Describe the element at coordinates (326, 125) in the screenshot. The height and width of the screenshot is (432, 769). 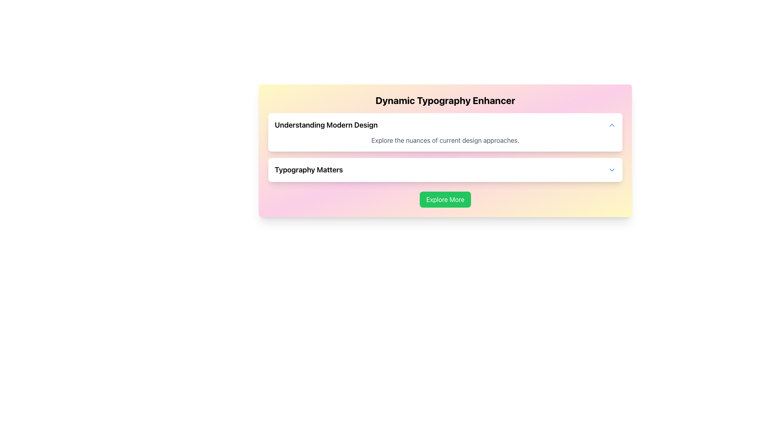
I see `text label that contains 'Understanding Modern Design', which is styled with a larger font size and bold weight, located in the first row of a content card with a light pastel gradient background` at that location.